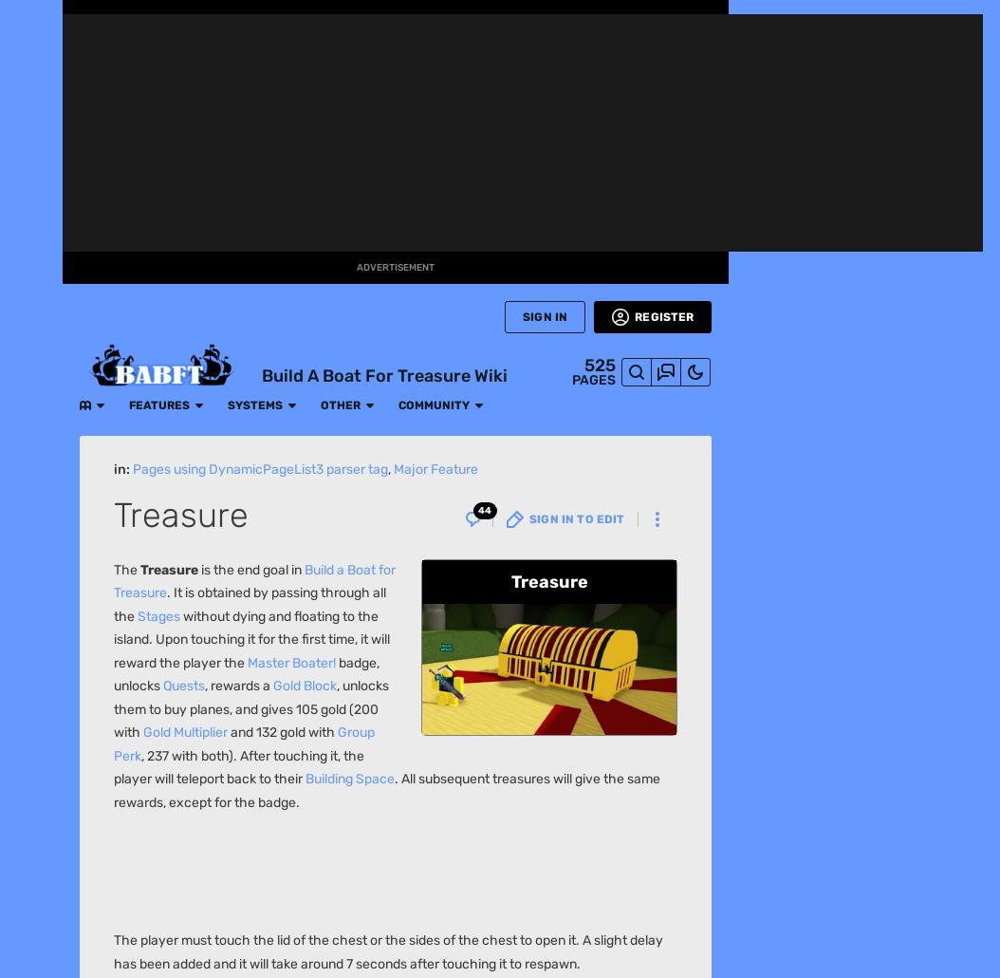 The width and height of the screenshot is (1000, 978). I want to click on 'Systems', so click(192, 21).